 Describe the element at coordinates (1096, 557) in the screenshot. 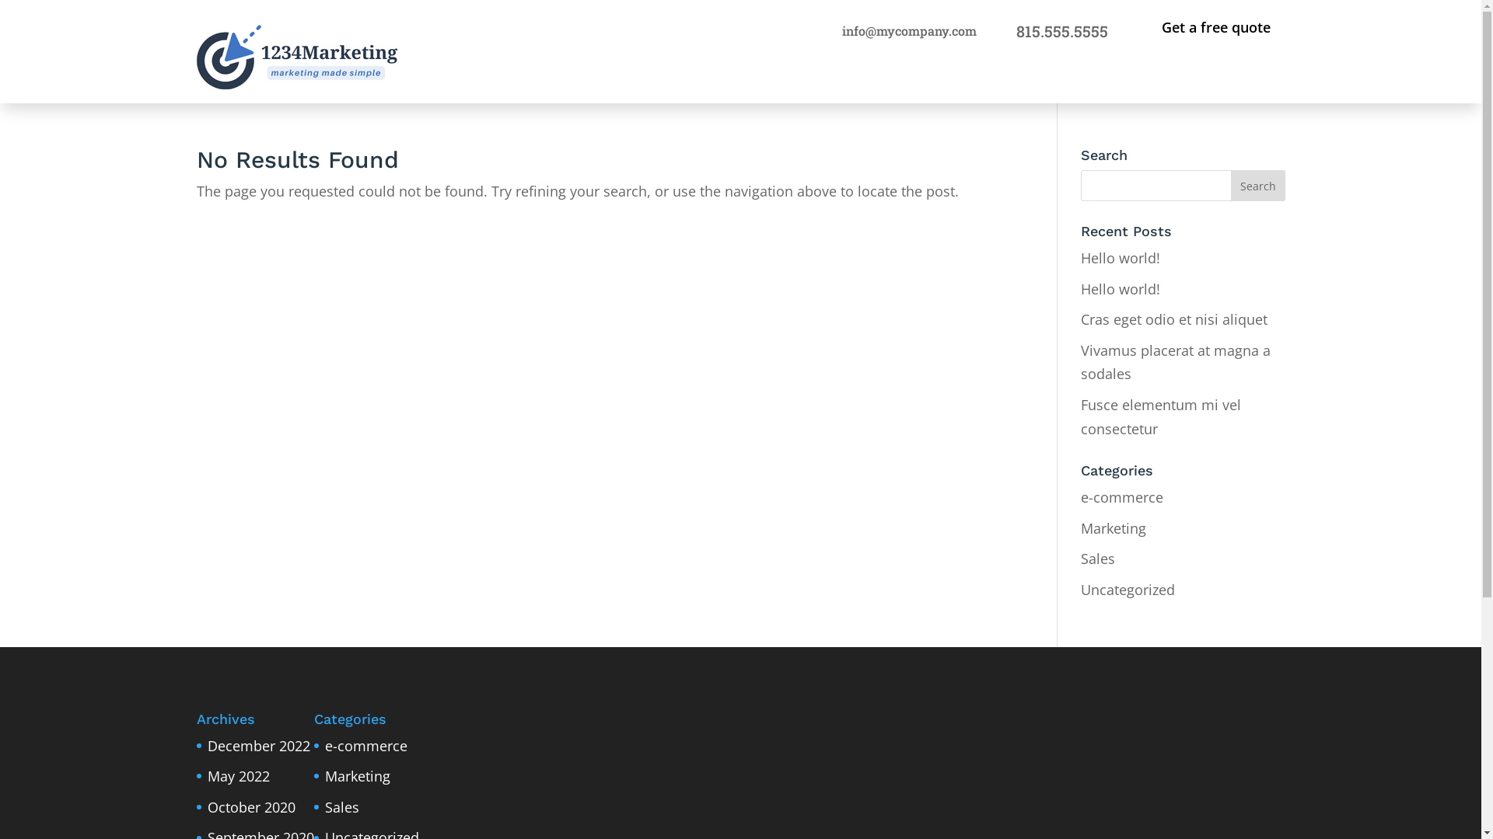

I see `'Sales'` at that location.